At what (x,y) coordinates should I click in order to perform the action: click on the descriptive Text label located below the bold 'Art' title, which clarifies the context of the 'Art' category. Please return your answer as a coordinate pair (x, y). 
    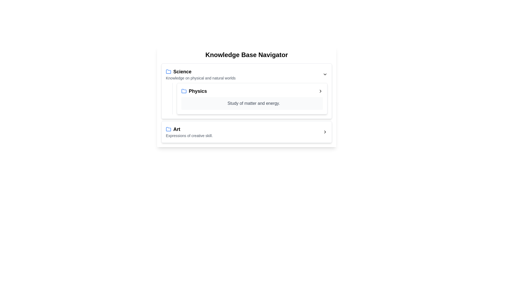
    Looking at the image, I should click on (189, 135).